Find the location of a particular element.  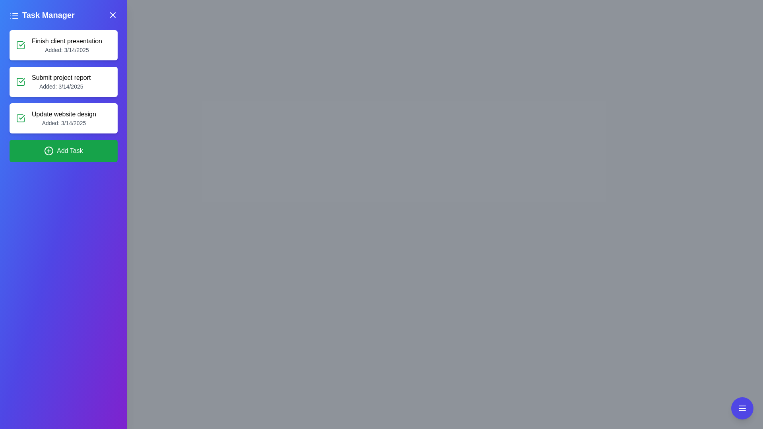

the second task card in the vertical list, which features a green checkmark icon and the text 'Submit project report' is located at coordinates (63, 81).